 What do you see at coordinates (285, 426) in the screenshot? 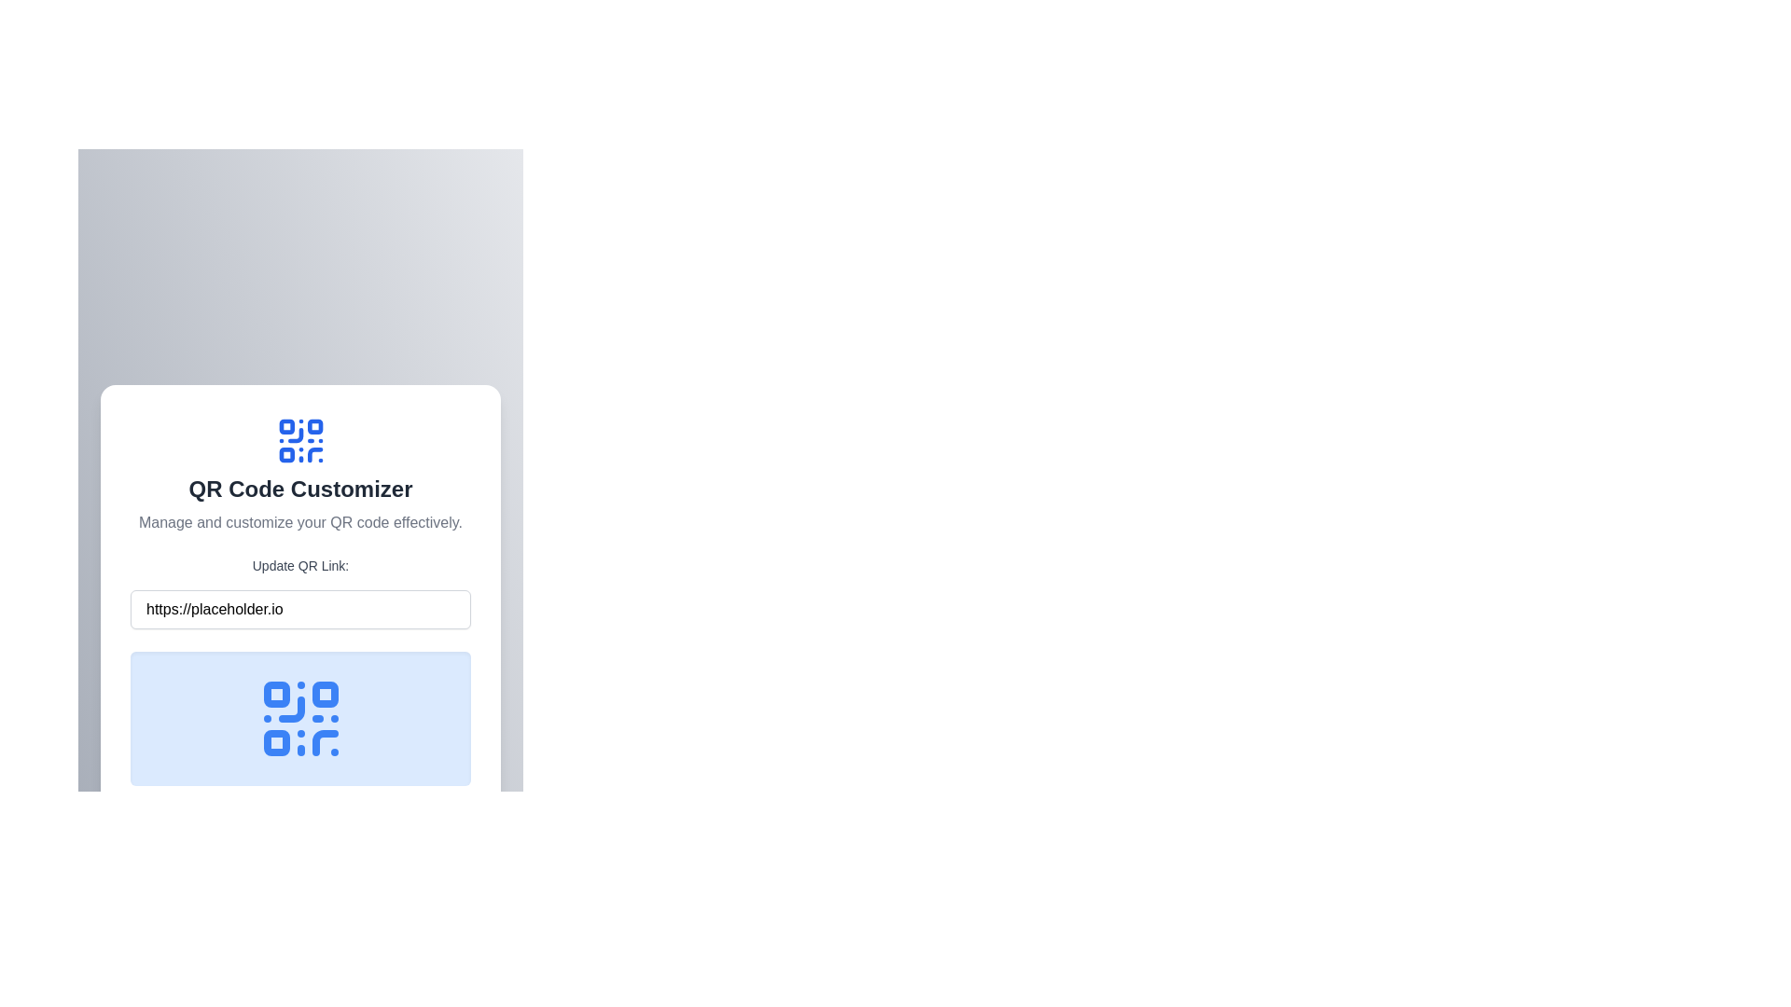
I see `the top-left square decorative element of the QR code icon, which is part of a 3x3 grid arrangement` at bounding box center [285, 426].